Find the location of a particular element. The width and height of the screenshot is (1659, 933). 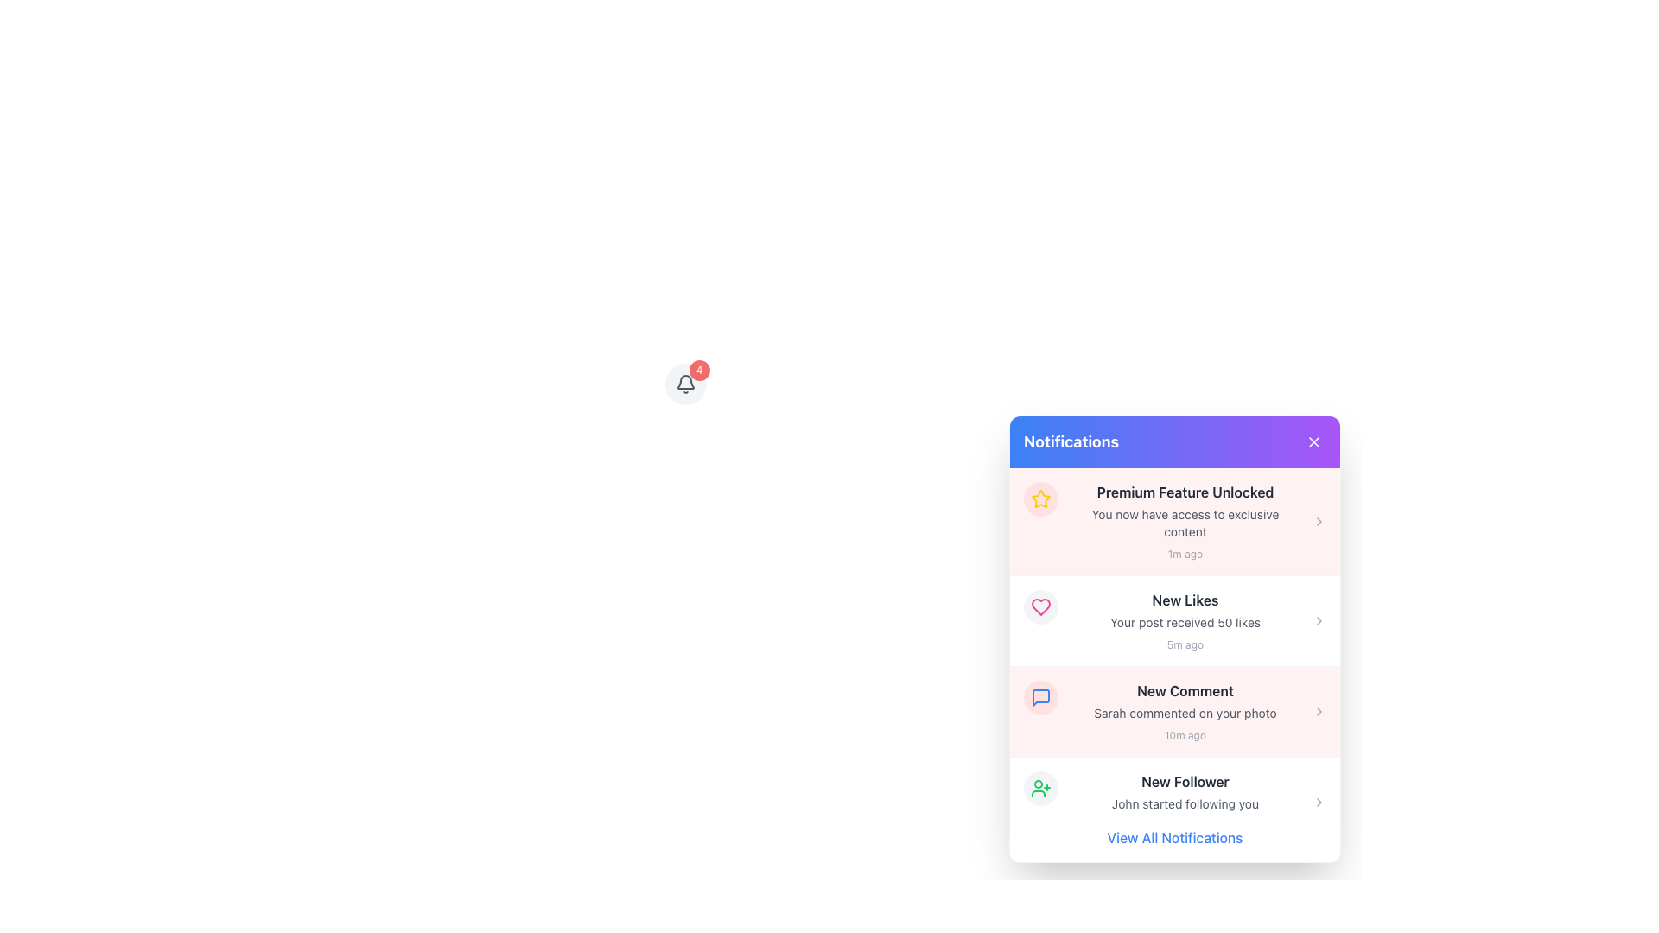

the button at the bottom of the notification panel is located at coordinates (1174, 836).